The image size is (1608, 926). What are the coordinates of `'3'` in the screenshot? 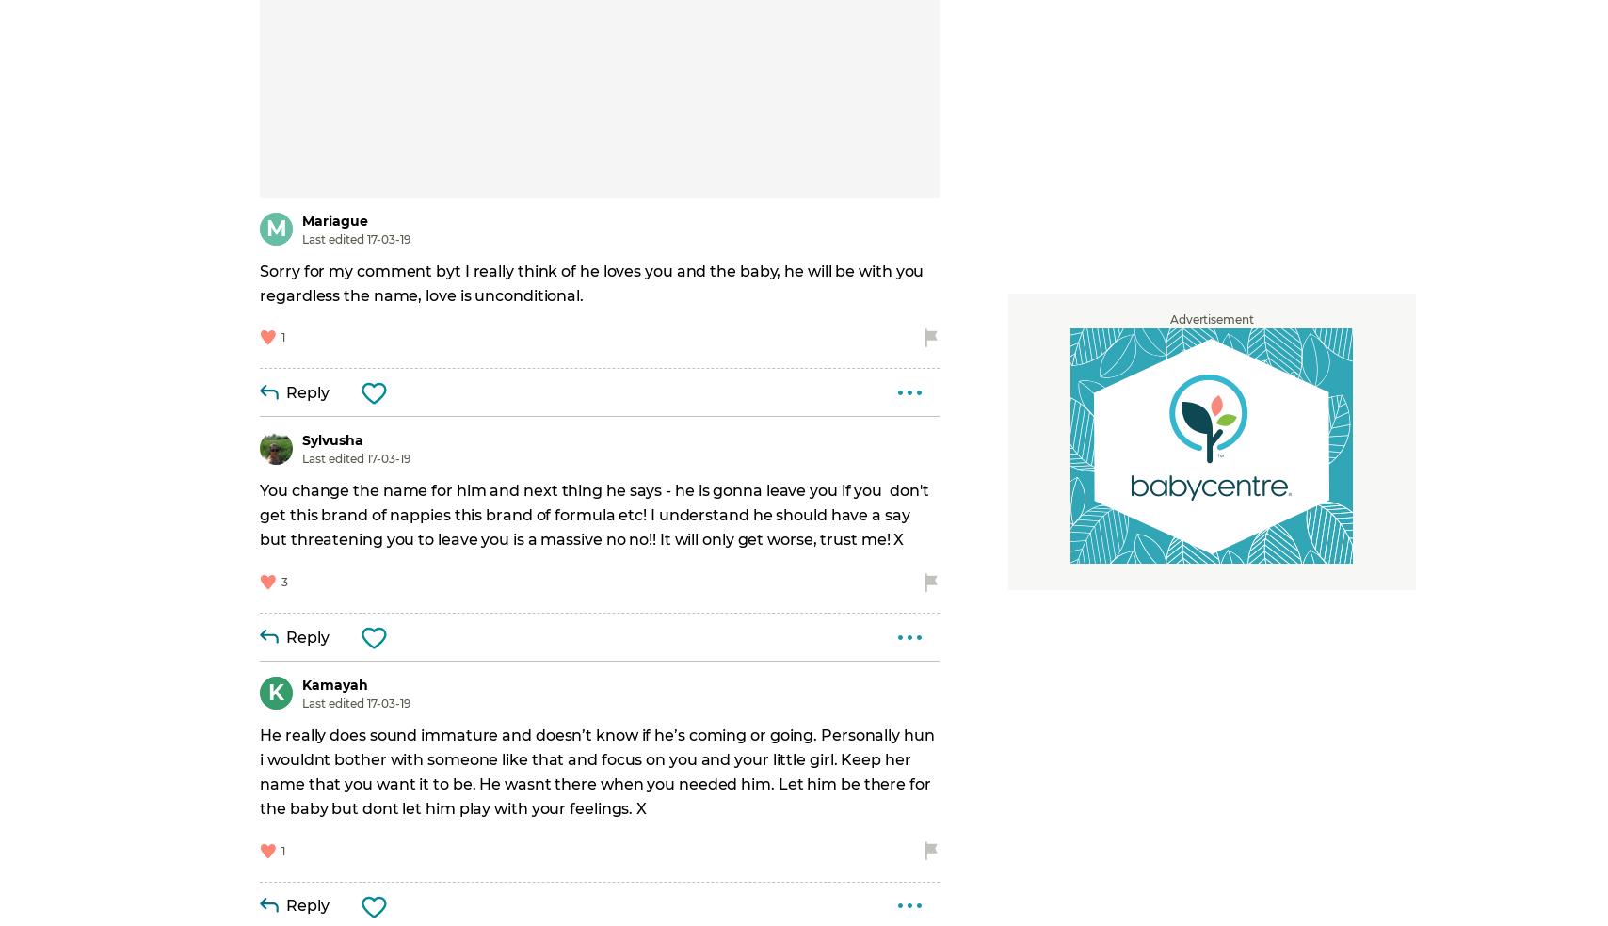 It's located at (284, 582).